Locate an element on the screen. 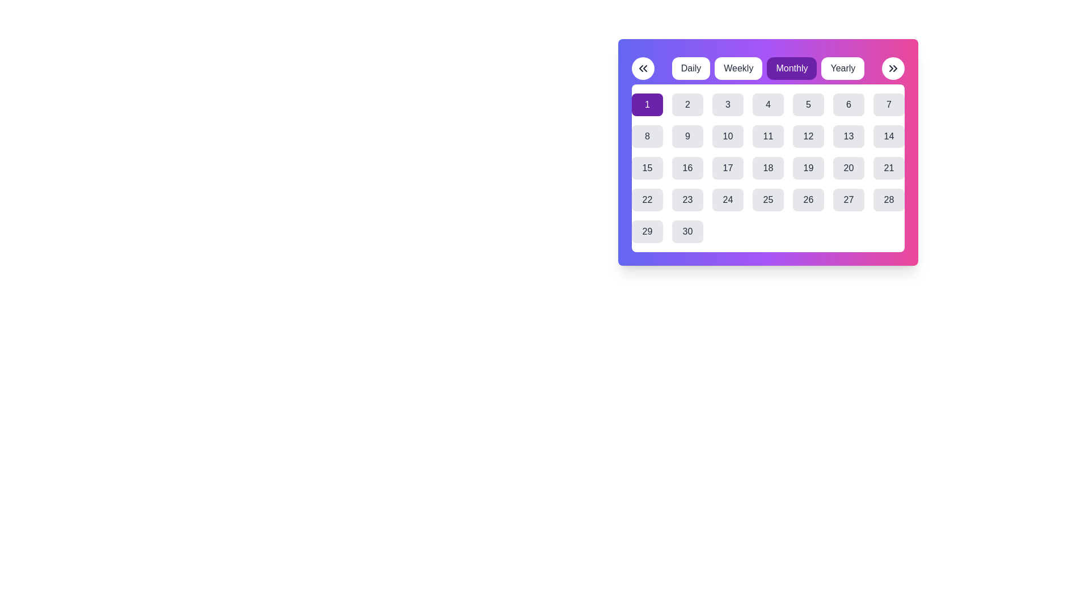 Image resolution: width=1089 pixels, height=612 pixels. the circular button with a white background and right-pointing chevrons icon located at the far right of the calendar interface header is located at coordinates (892, 68).